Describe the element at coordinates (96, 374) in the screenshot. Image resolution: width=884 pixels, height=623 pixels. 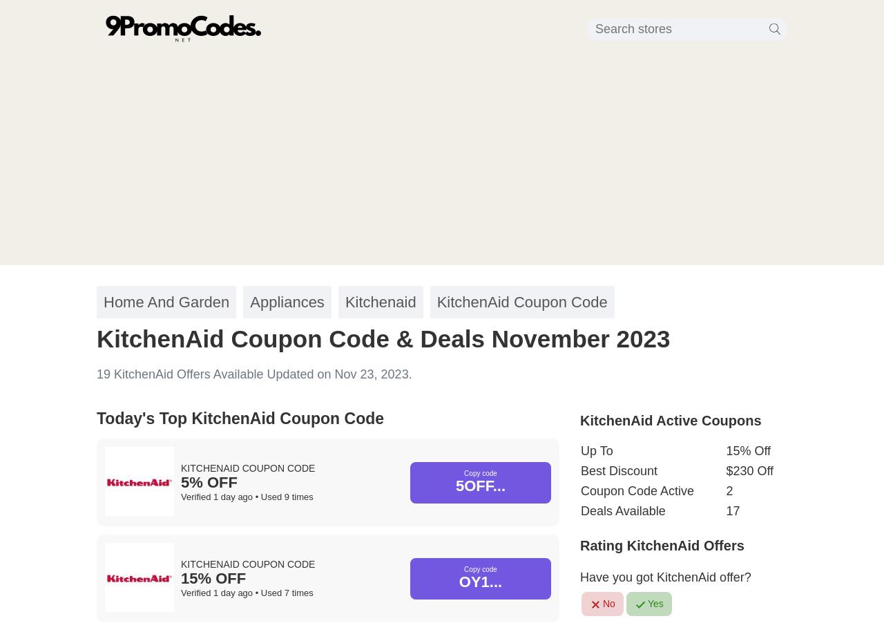
I see `'19 KitchenAid Offers Available Updated on Nov 23, 2023.'` at that location.